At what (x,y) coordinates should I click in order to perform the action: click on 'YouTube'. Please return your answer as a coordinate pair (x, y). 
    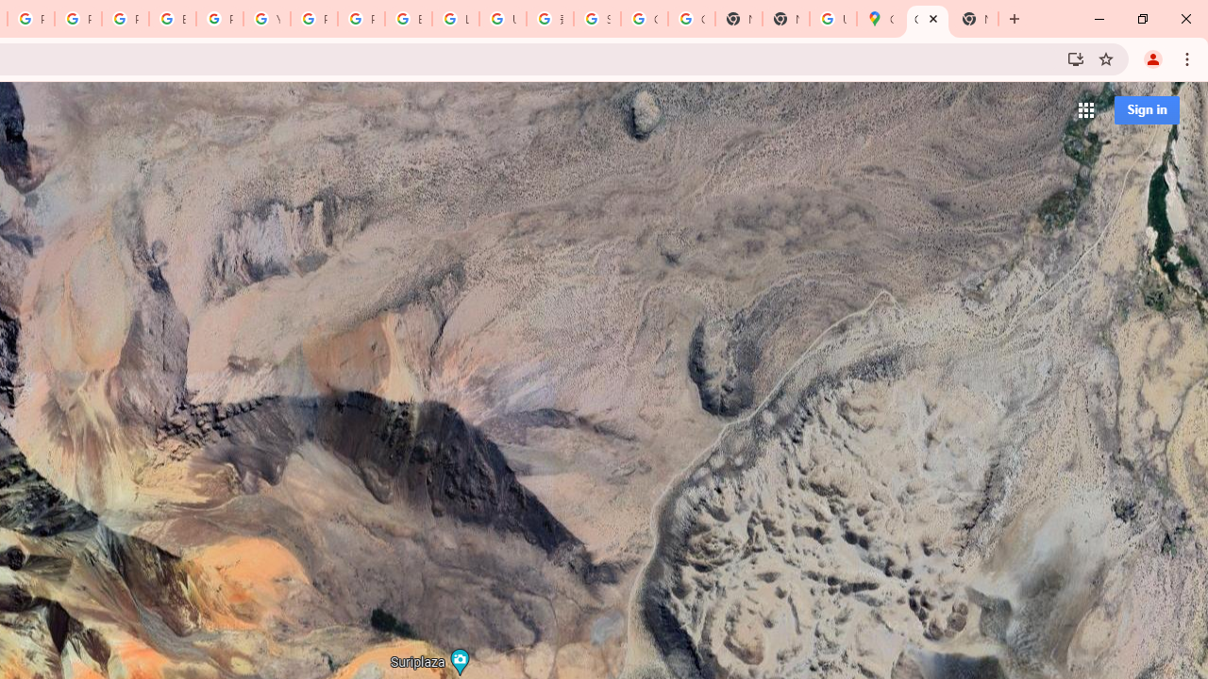
    Looking at the image, I should click on (266, 19).